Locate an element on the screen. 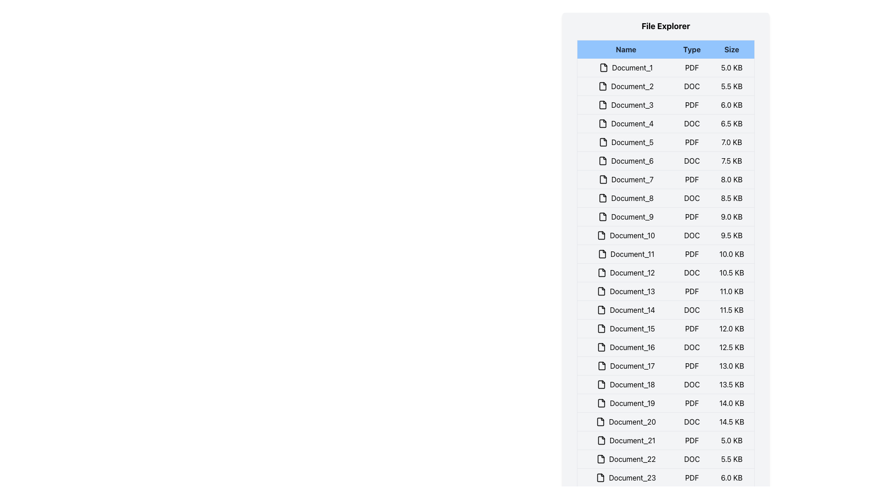  the static text label 'Document_10' is located at coordinates (626, 235).